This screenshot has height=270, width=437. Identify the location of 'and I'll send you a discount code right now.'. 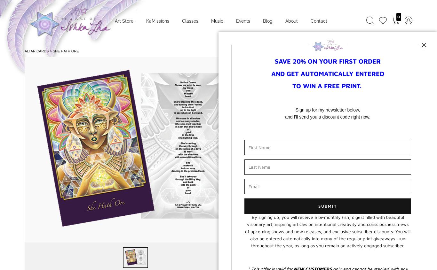
(327, 116).